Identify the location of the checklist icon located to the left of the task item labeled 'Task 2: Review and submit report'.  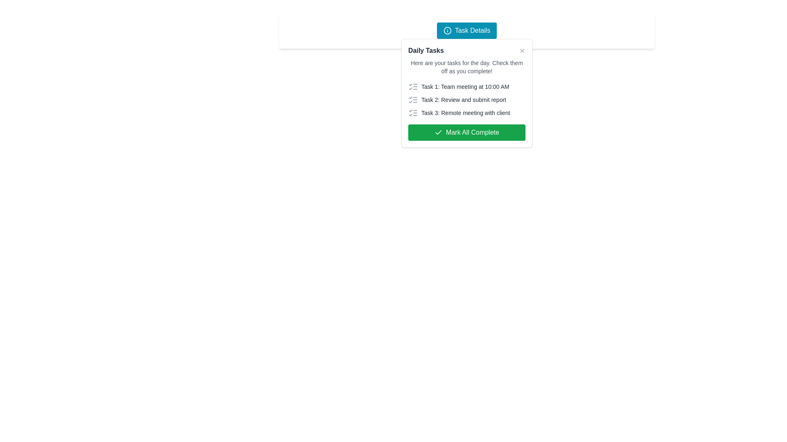
(413, 99).